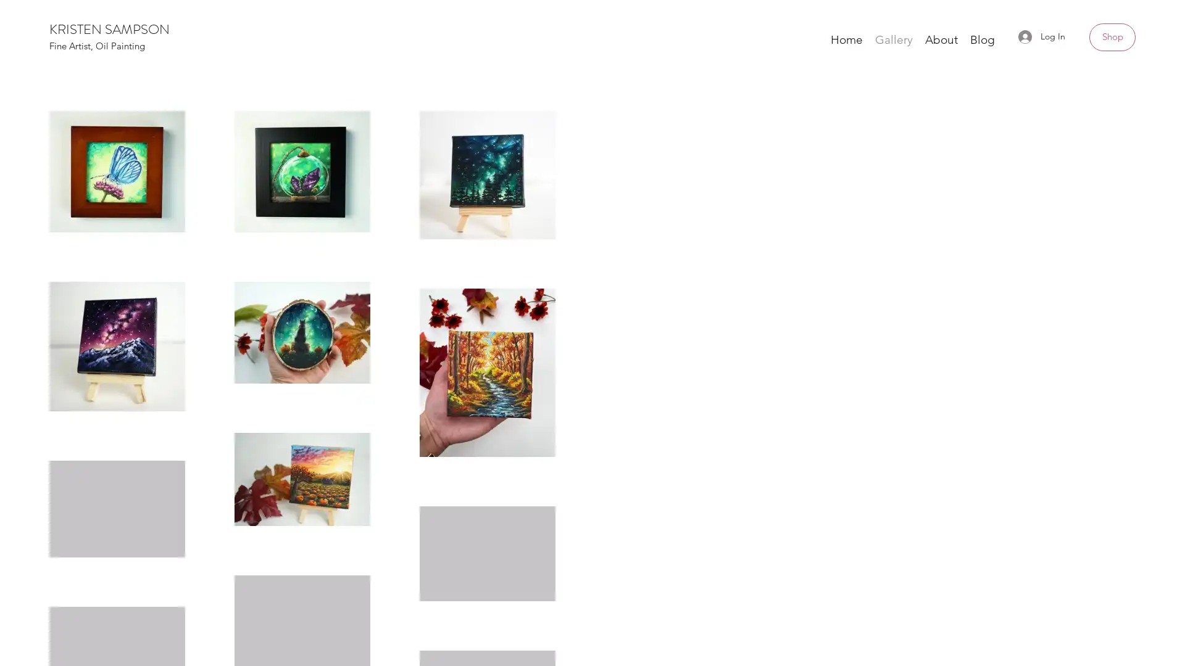 The height and width of the screenshot is (666, 1185). Describe the element at coordinates (214, 257) in the screenshot. I see `"Haven" 3x3 in - 2021` at that location.